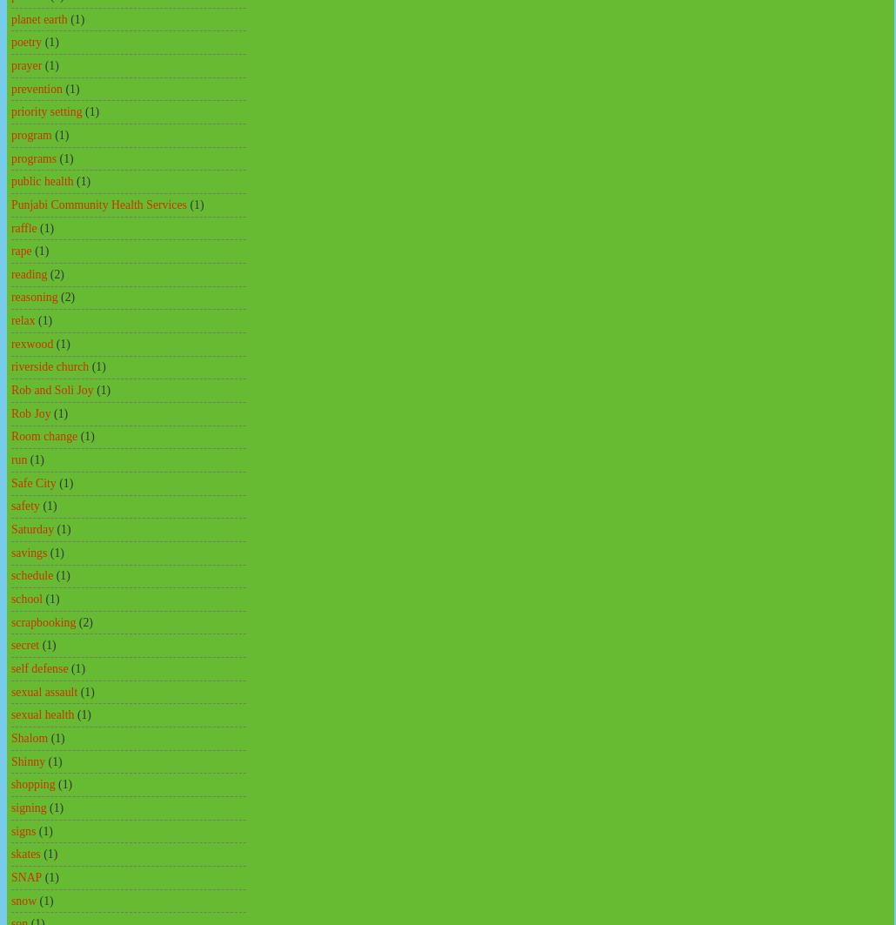 Image resolution: width=896 pixels, height=925 pixels. I want to click on 'skates', so click(10, 853).